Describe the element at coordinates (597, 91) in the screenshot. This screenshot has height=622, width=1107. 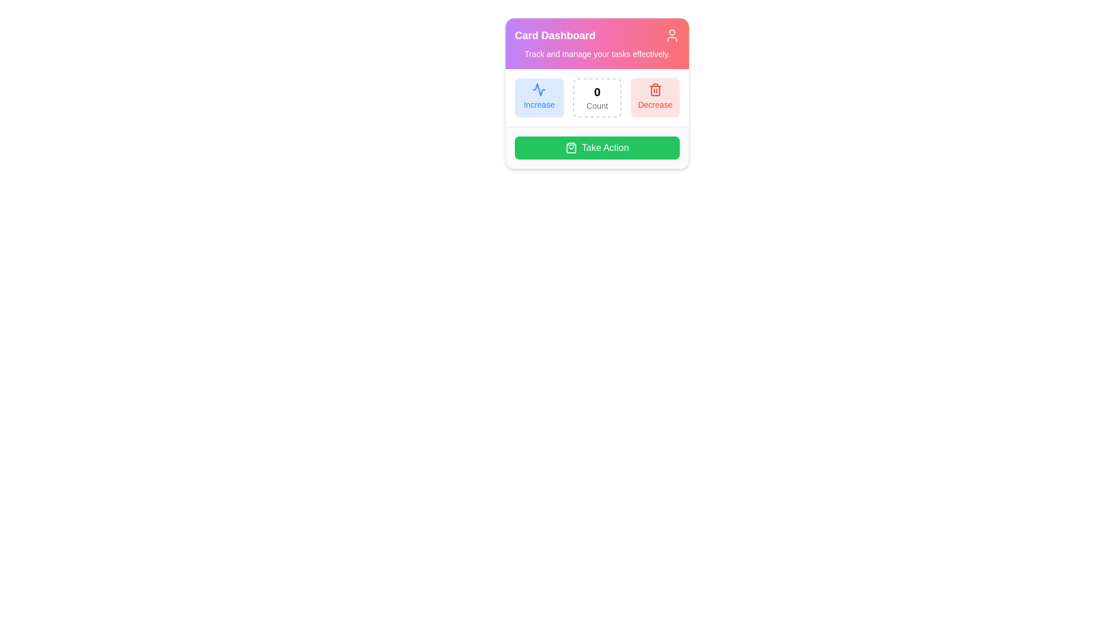
I see `the Static Text element displaying a numerical value, which is located within a dashed-border rectangular box, above the text 'Count'` at that location.